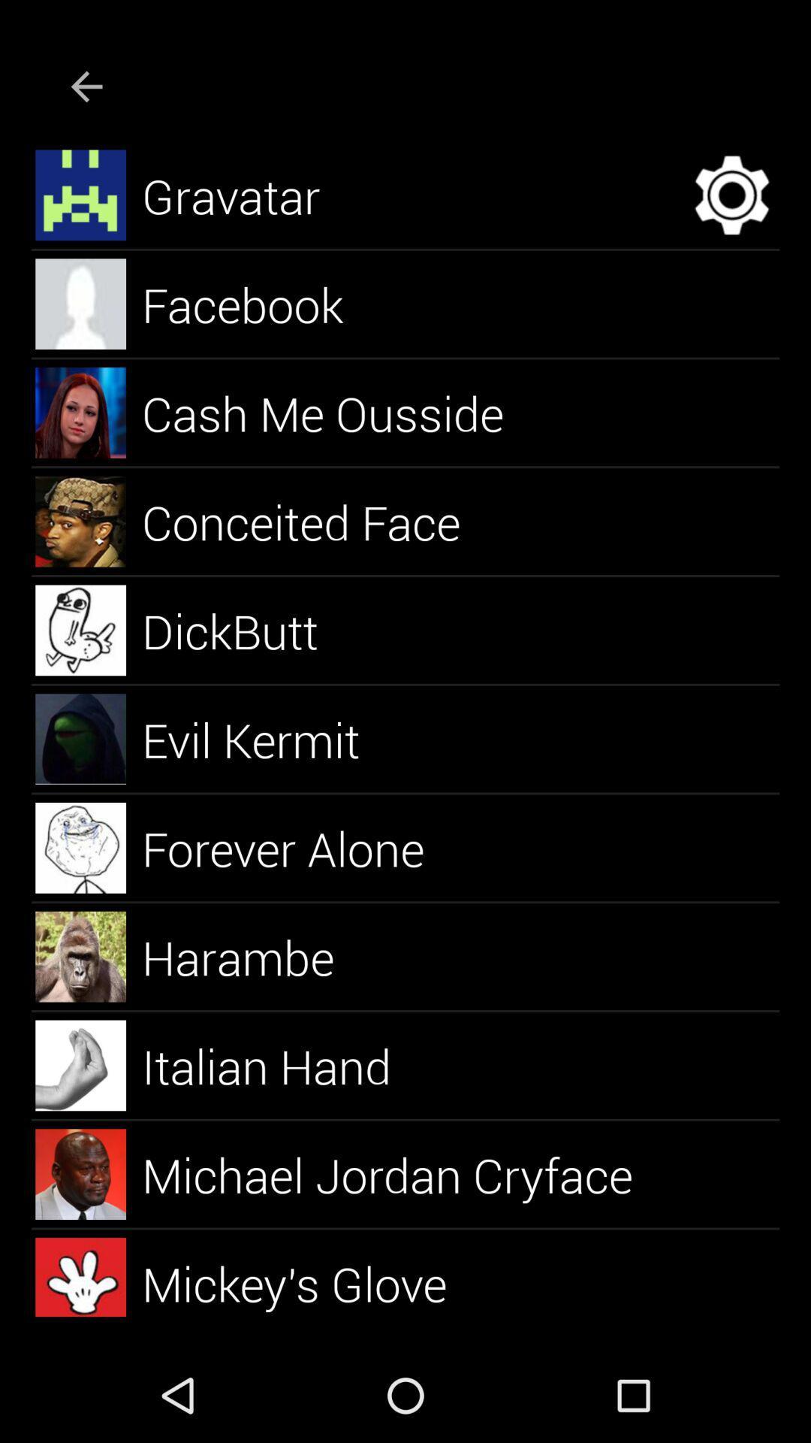 Image resolution: width=811 pixels, height=1443 pixels. I want to click on the forever alone icon, so click(300, 848).